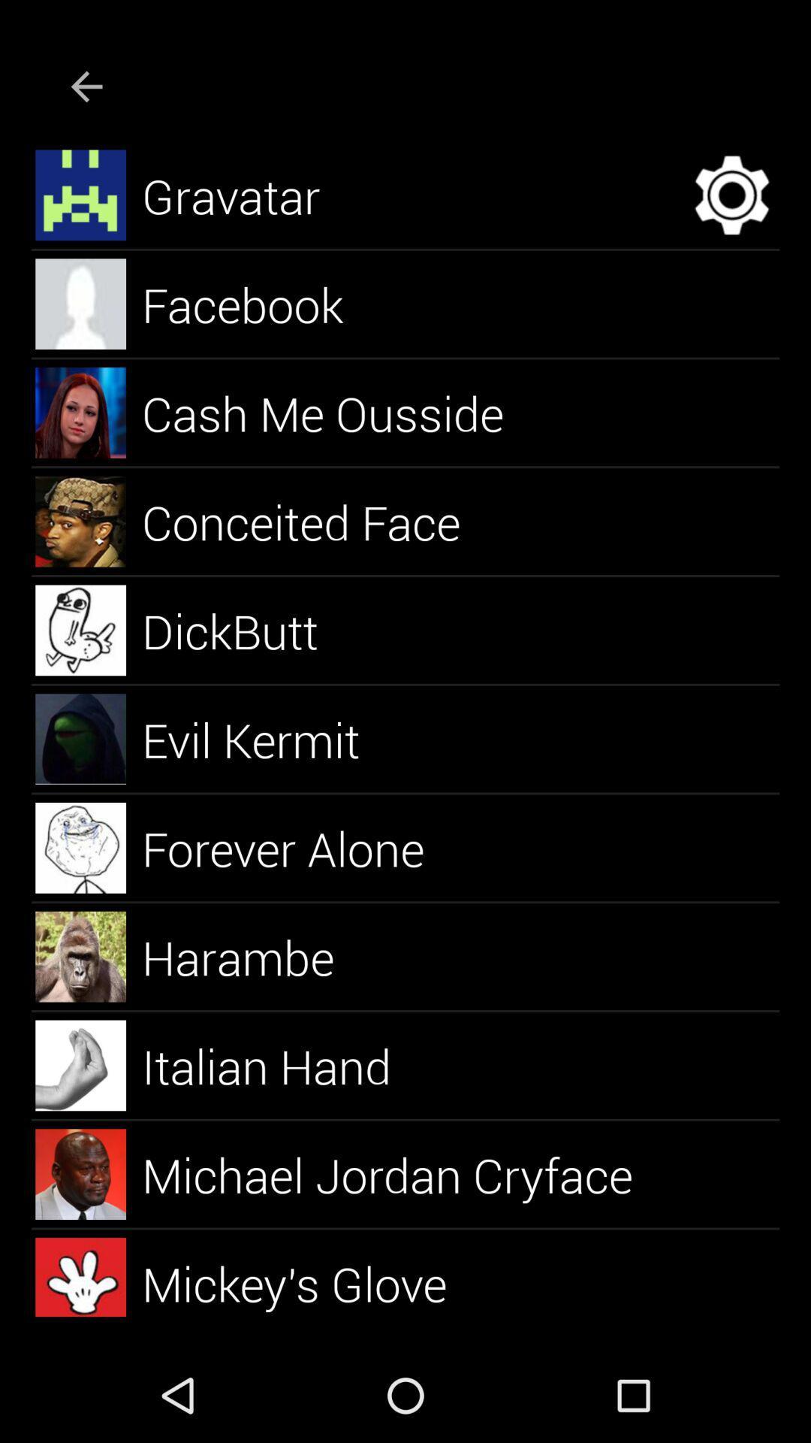 Image resolution: width=811 pixels, height=1443 pixels. I want to click on the forever alone icon, so click(300, 848).